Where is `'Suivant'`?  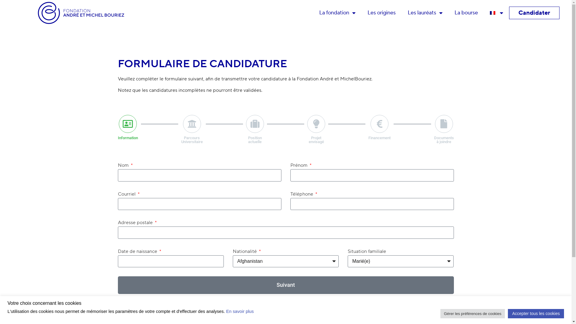 'Suivant' is located at coordinates (285, 285).